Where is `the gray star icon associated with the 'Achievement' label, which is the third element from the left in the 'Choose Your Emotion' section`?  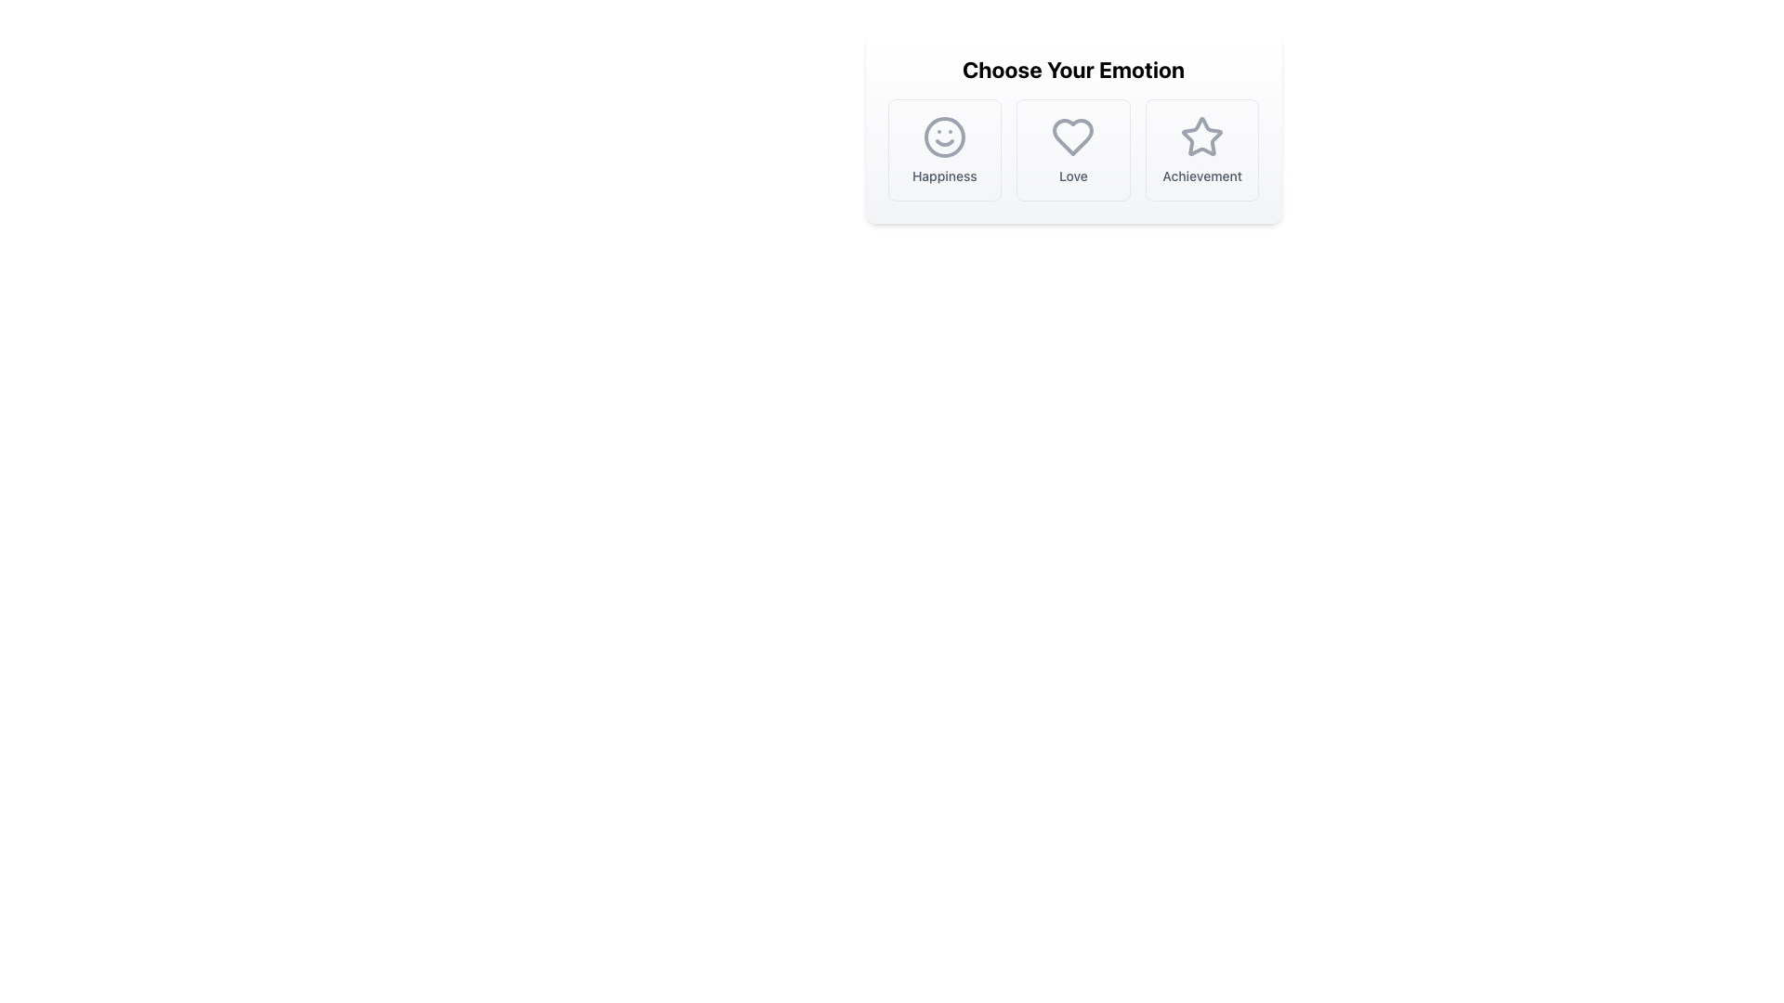 the gray star icon associated with the 'Achievement' label, which is the third element from the left in the 'Choose Your Emotion' section is located at coordinates (1202, 136).